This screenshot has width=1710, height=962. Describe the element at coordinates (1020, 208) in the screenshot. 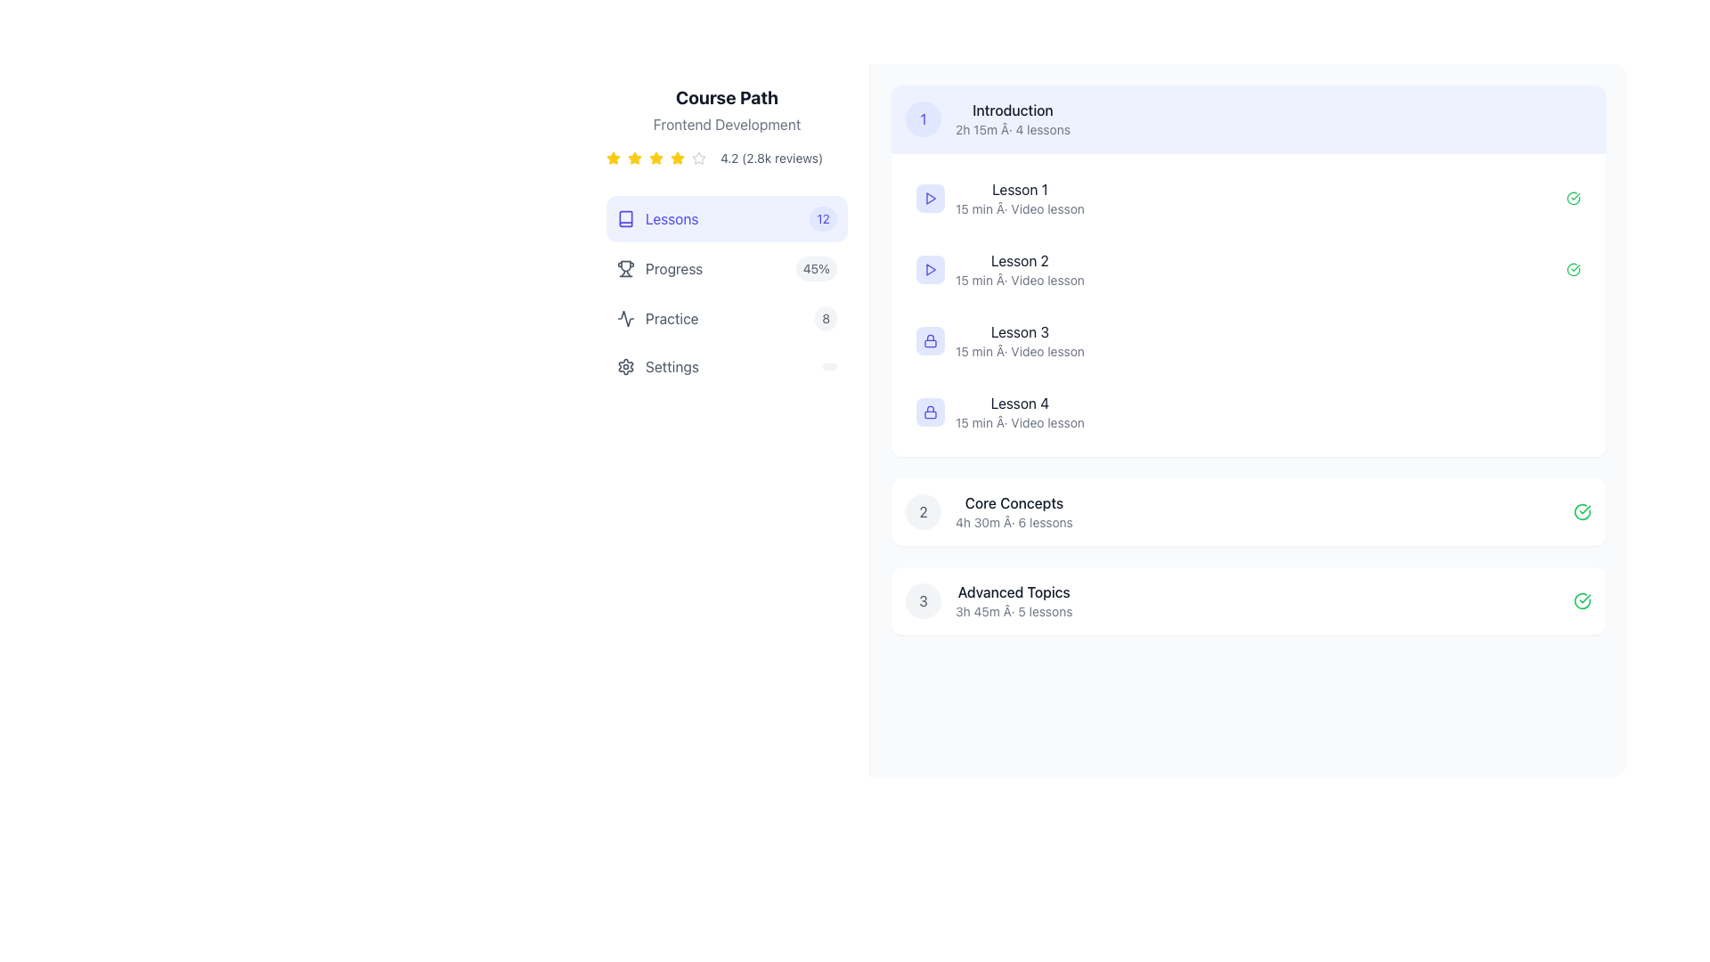

I see `the text label that reads '15 min · Video lesson', which is positioned below the title 'Lesson 1' in the 'Introduction' section of the lessons list` at that location.